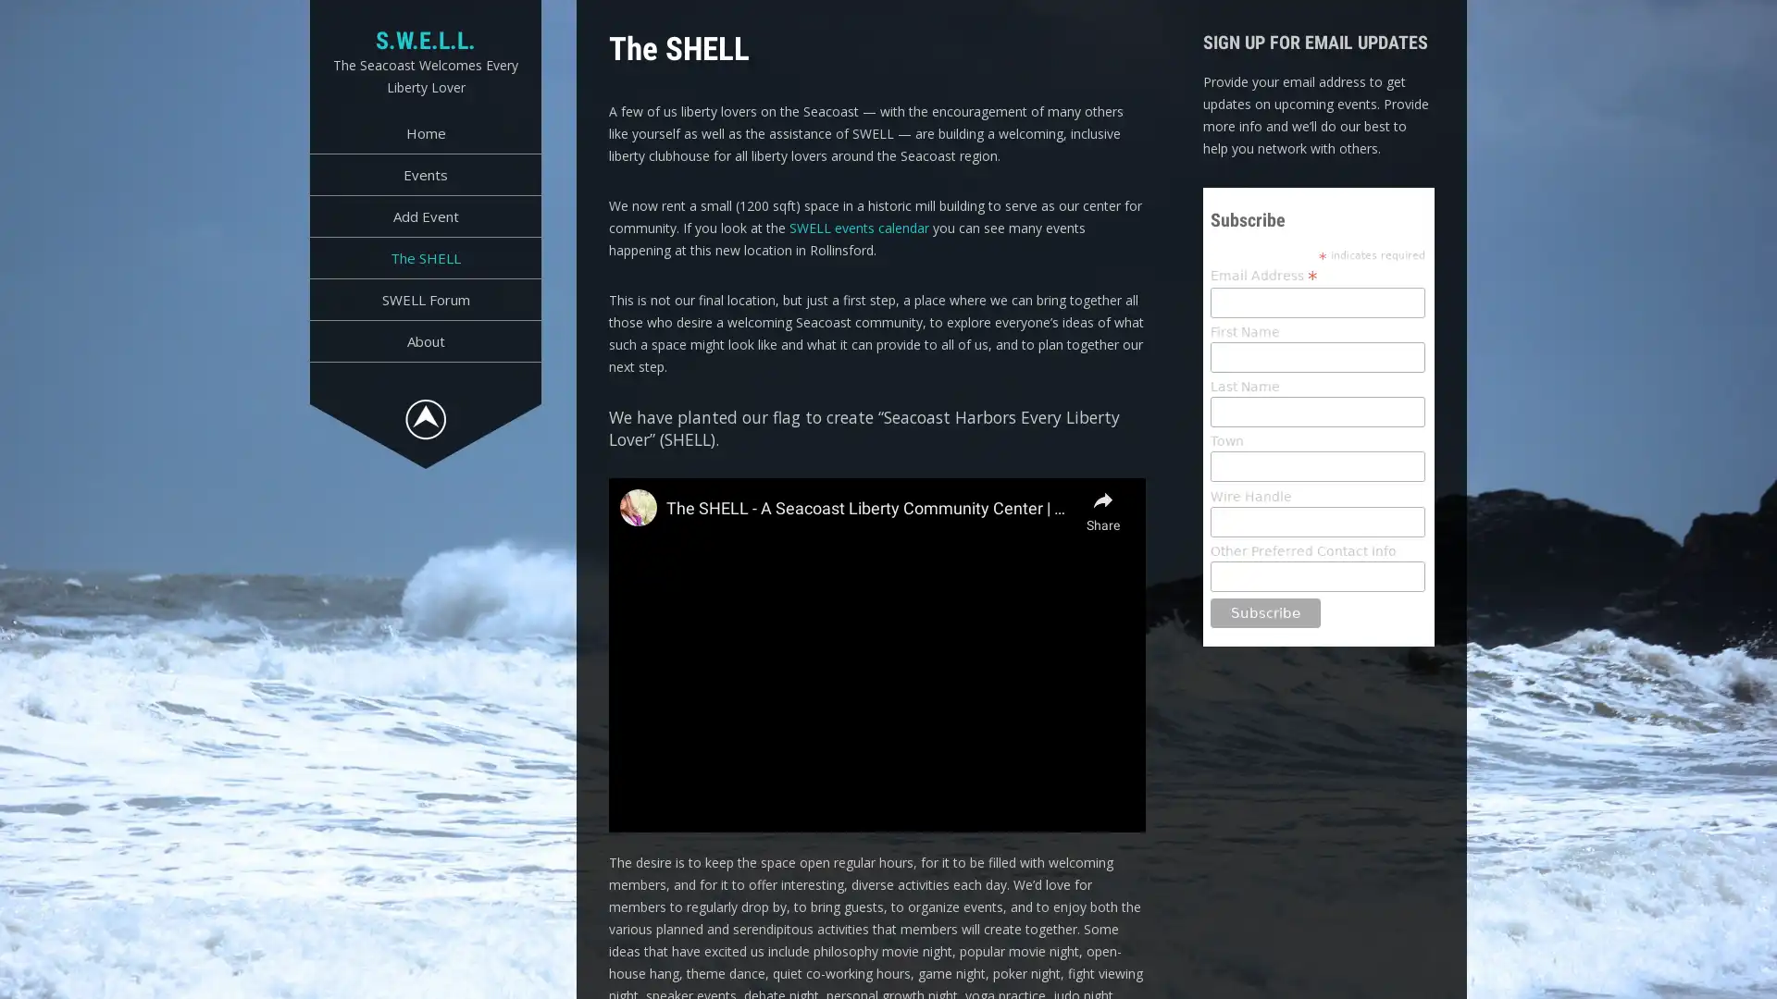 The image size is (1777, 999). Describe the element at coordinates (1263, 613) in the screenshot. I see `Subscribe` at that location.